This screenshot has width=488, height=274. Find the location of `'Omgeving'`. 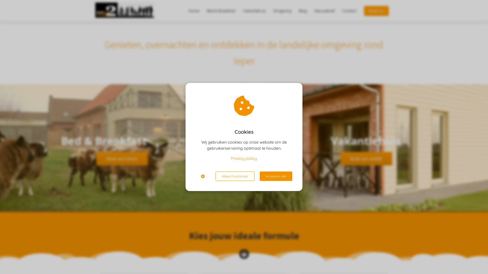

'Omgeving' is located at coordinates (269, 11).